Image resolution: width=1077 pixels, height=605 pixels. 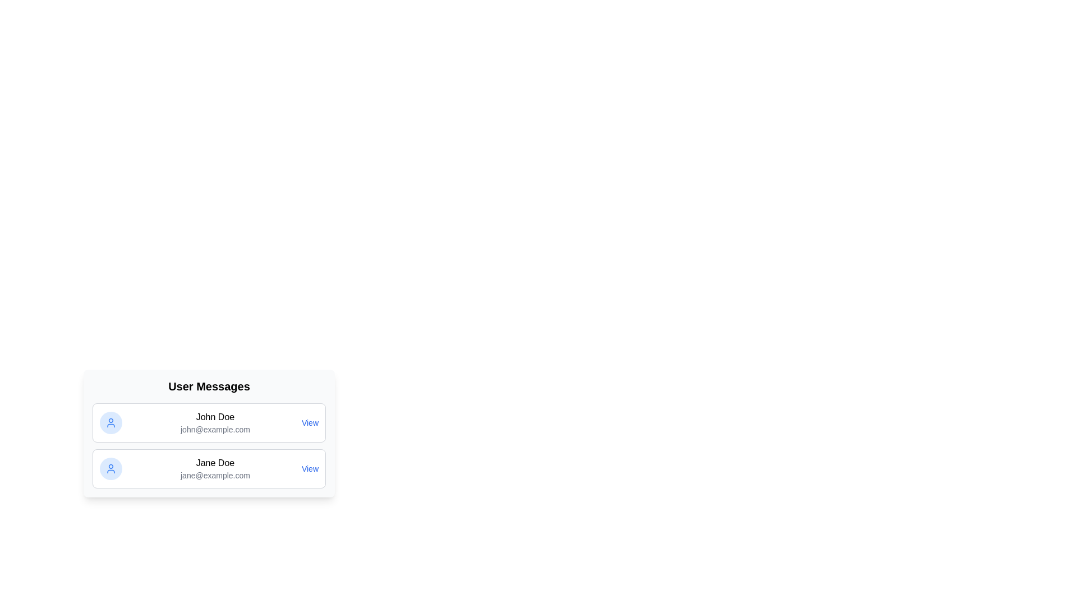 I want to click on the 'View' link next to the user Jane Doe, so click(x=310, y=469).